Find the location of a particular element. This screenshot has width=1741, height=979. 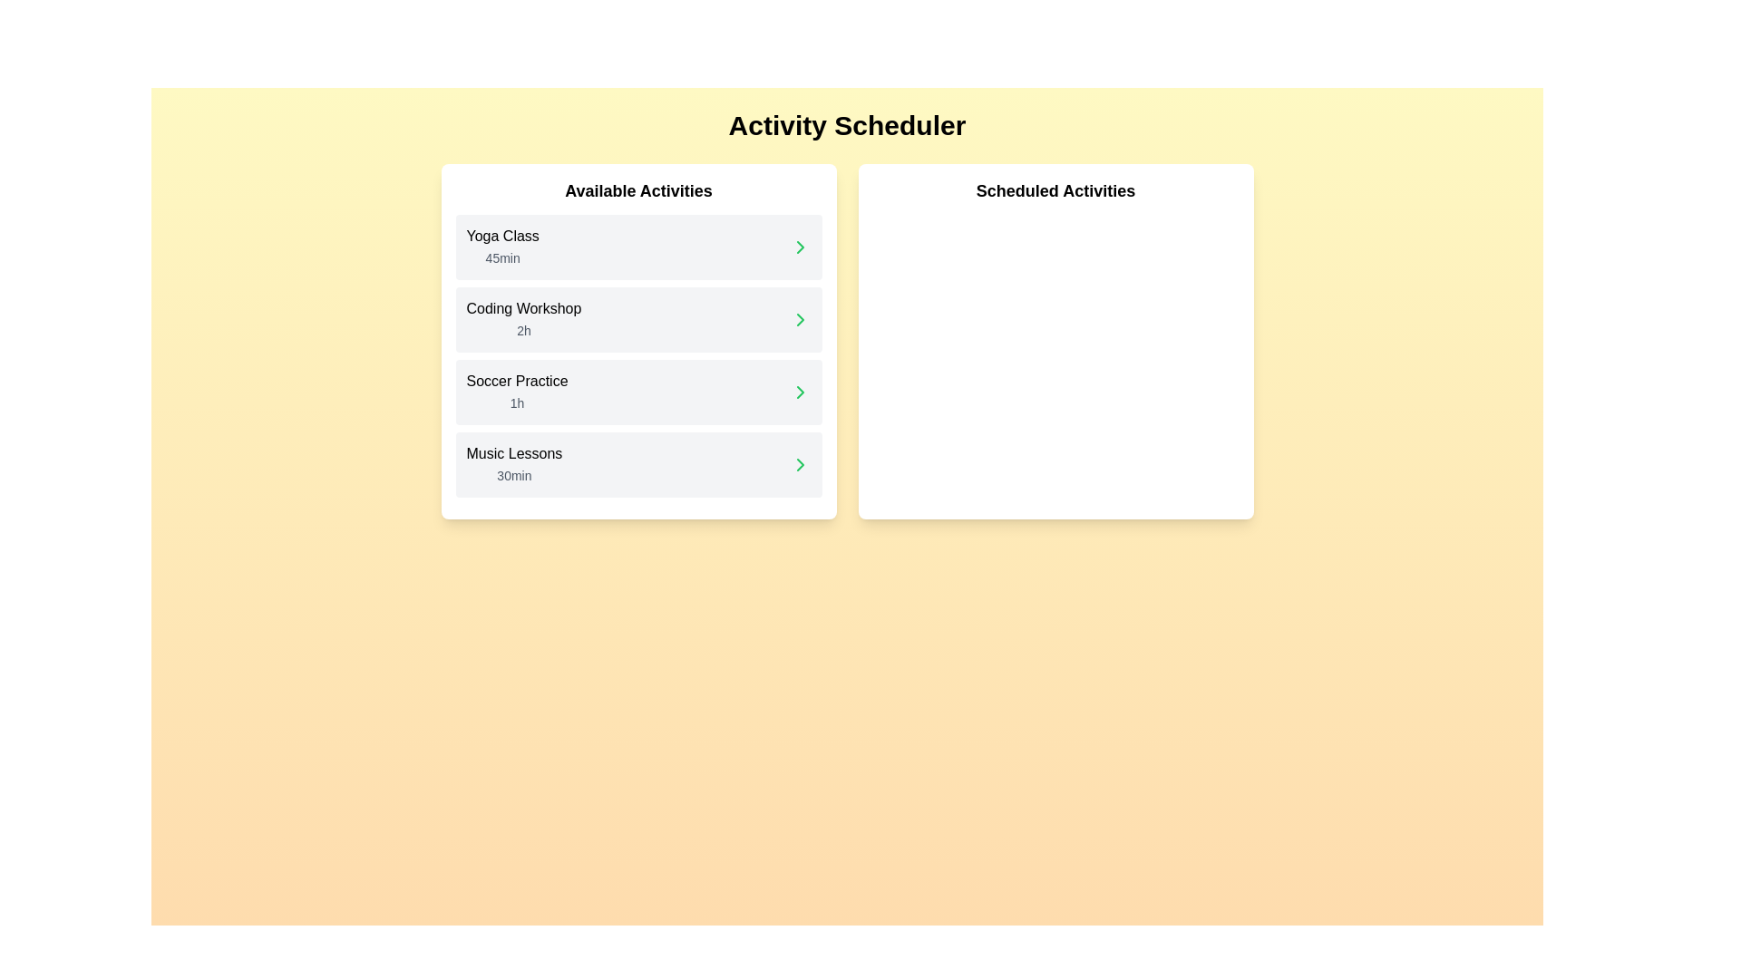

the chevron icon next to the activity Yoga Class to schedule it is located at coordinates (799, 247).